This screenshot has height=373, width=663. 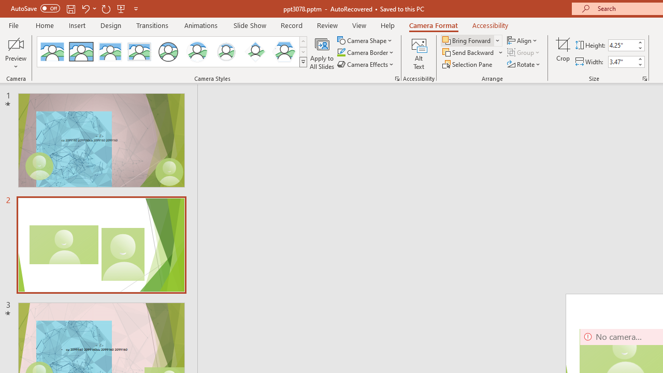 I want to click on 'Enable Camera Preview', so click(x=16, y=44).